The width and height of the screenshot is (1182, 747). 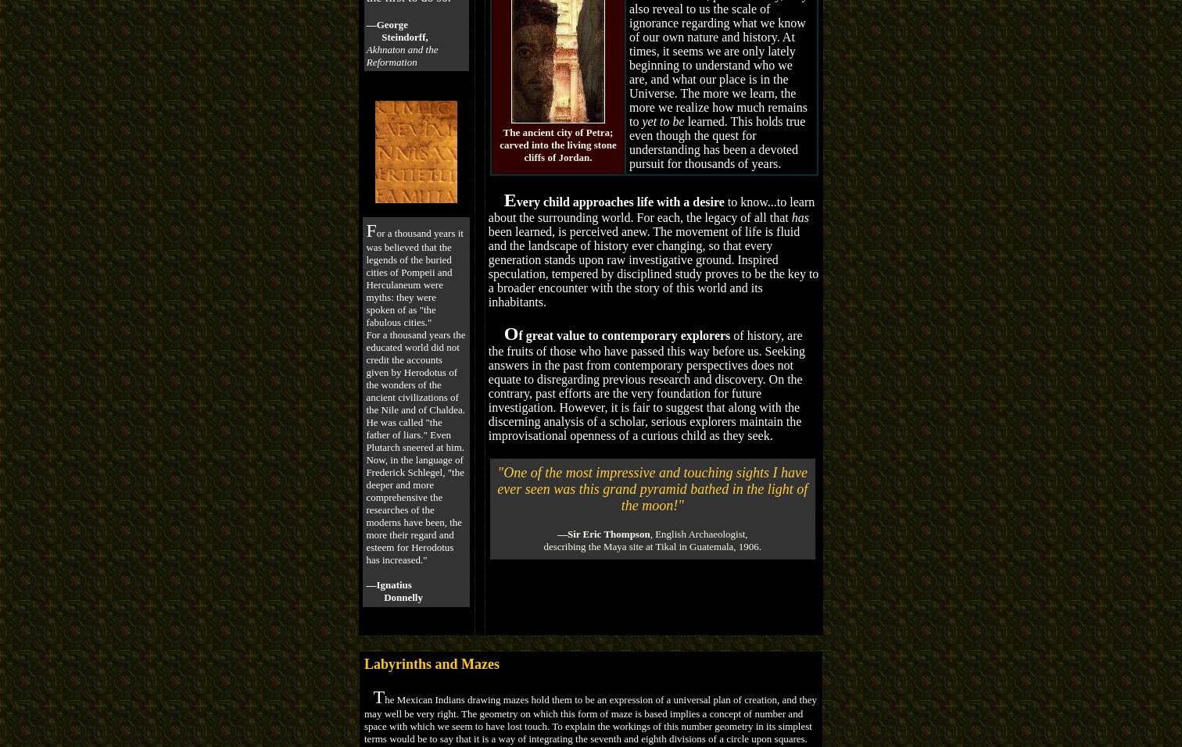 What do you see at coordinates (603, 533) in the screenshot?
I see `'—Sir Eric Thompson'` at bounding box center [603, 533].